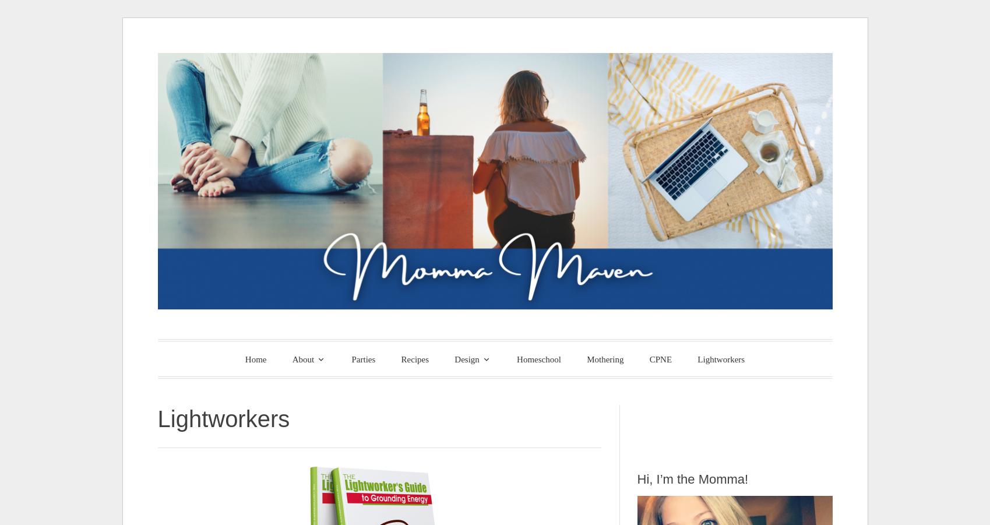 Image resolution: width=990 pixels, height=525 pixels. I want to click on 'Parties', so click(363, 358).